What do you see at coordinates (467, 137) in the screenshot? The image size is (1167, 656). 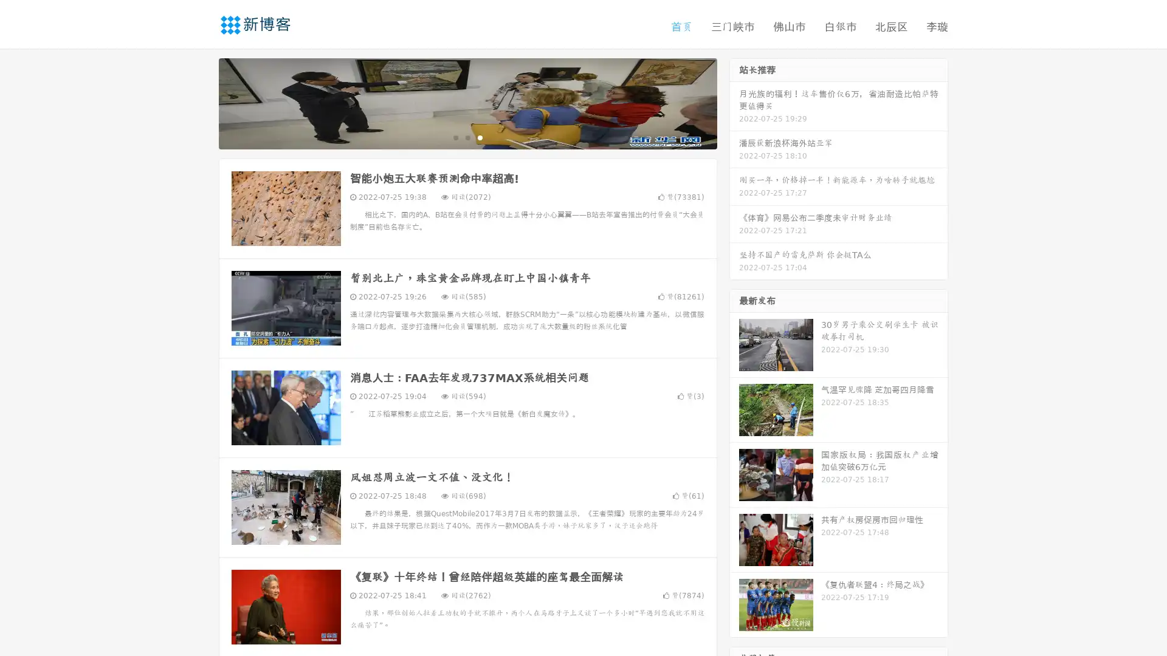 I see `Go to slide 2` at bounding box center [467, 137].